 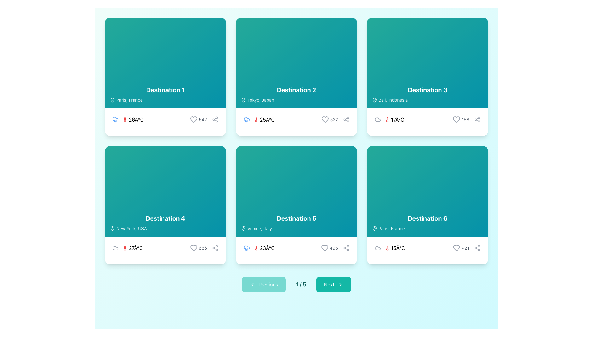 I want to click on the weather condition icon located in the bottom-right card under the 'Destination 6' title, next to the temperature reading (15°C), so click(x=378, y=247).